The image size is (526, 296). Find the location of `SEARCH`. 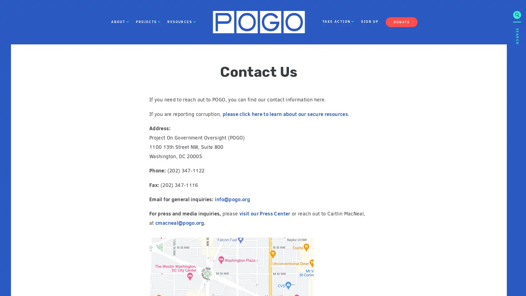

SEARCH is located at coordinates (517, 75).